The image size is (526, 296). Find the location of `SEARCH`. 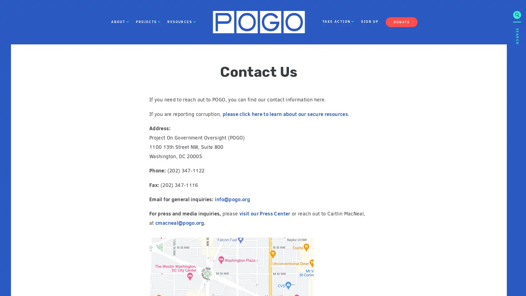

SEARCH is located at coordinates (517, 75).